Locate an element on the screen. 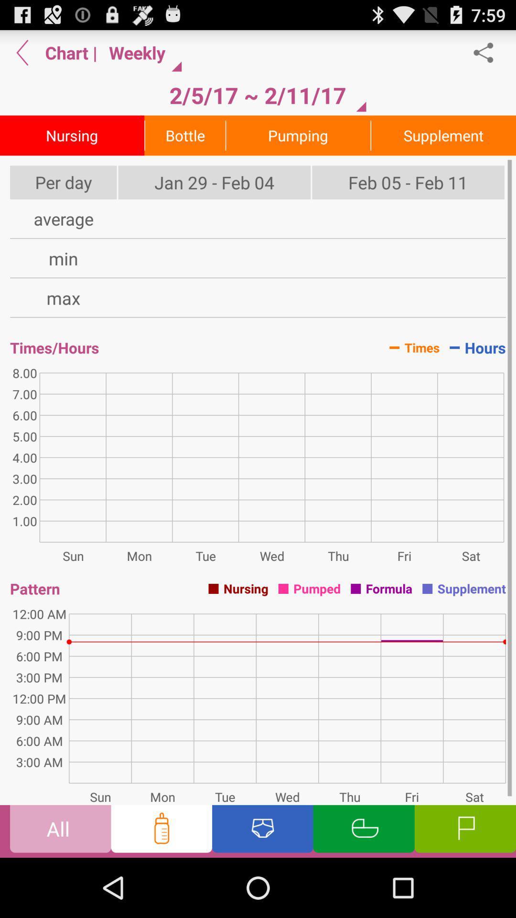 Image resolution: width=516 pixels, height=918 pixels. the share icon is located at coordinates (488, 56).